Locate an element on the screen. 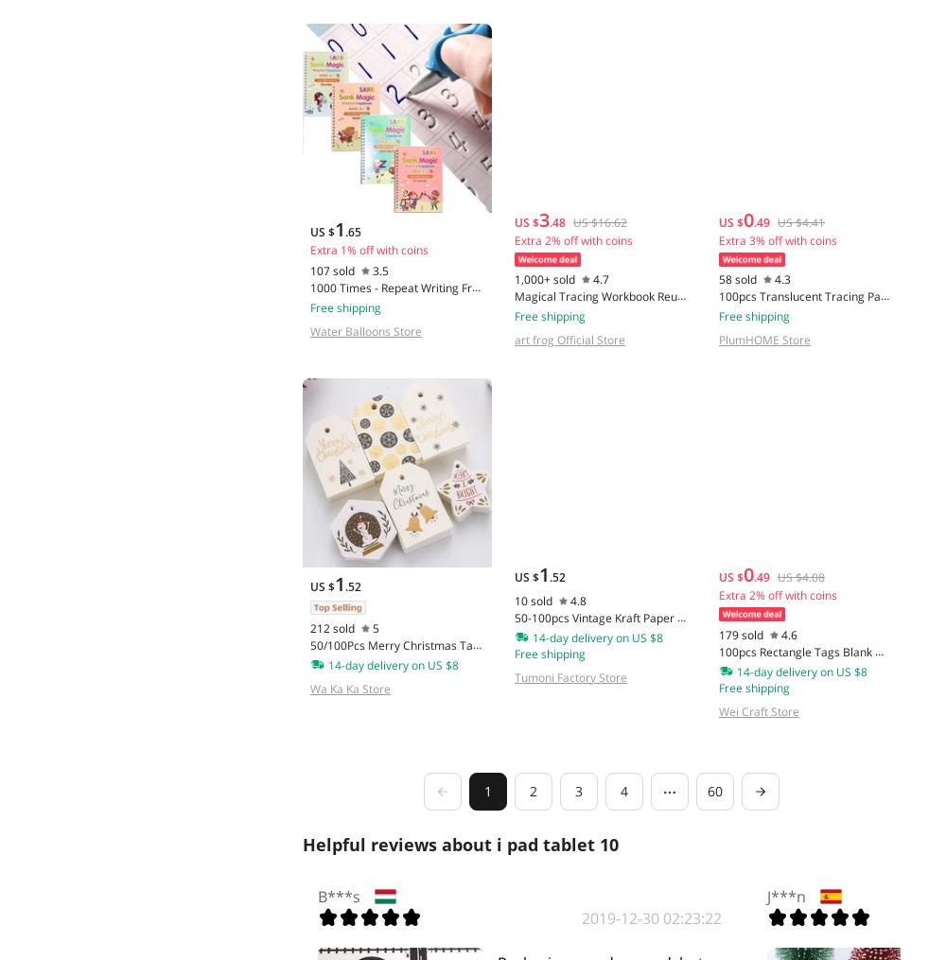 This screenshot has height=960, width=946. 'Wei Craft Store' is located at coordinates (758, 709).